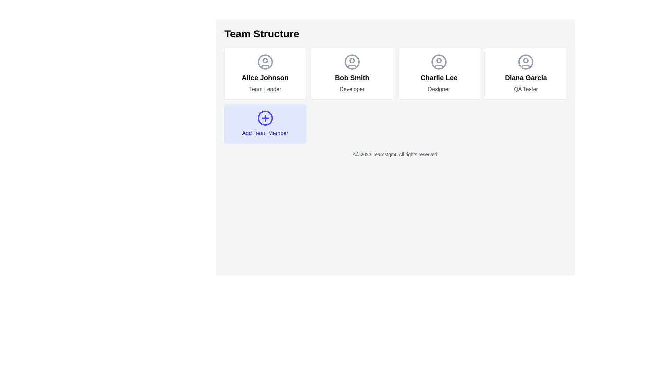  Describe the element at coordinates (439, 62) in the screenshot. I see `the user icon with a gray outline representing a user, which is positioned above the text 'Charlie Lee' and 'Designer' in the third card layout from the left` at that location.